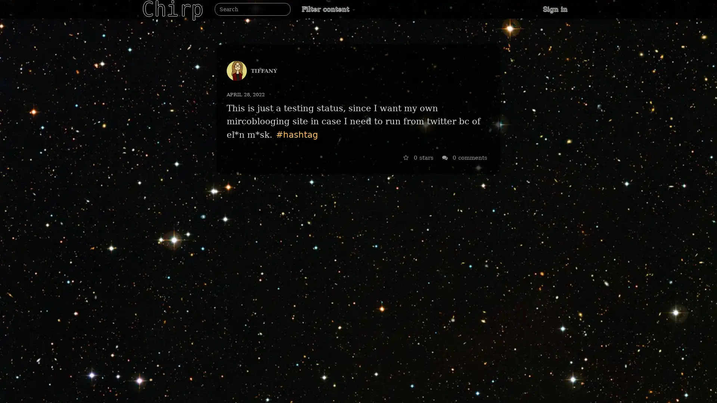 The width and height of the screenshot is (717, 403). What do you see at coordinates (328, 9) in the screenshot?
I see `Filter content` at bounding box center [328, 9].